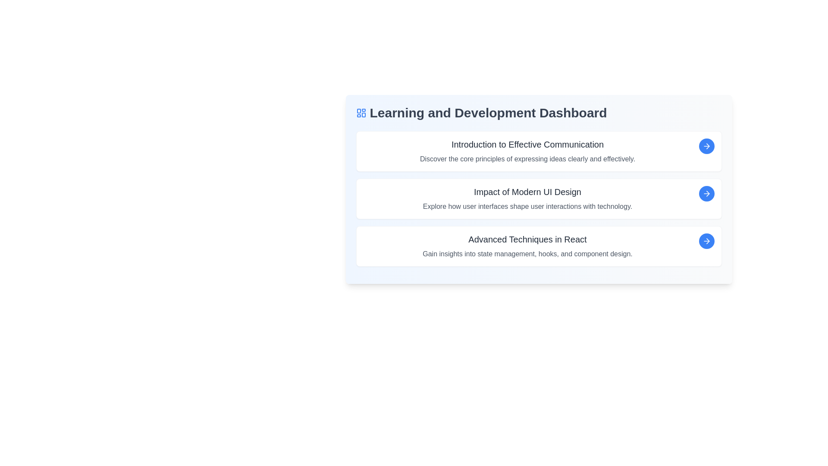 The height and width of the screenshot is (466, 828). Describe the element at coordinates (527, 144) in the screenshot. I see `static text element that serves as the title for the effective communication section, located above the subtitle about expressing ideas clearly and effectively` at that location.